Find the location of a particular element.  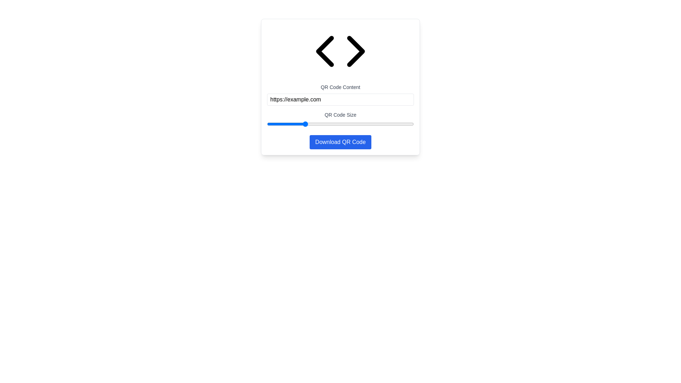

QR code size is located at coordinates (411, 124).